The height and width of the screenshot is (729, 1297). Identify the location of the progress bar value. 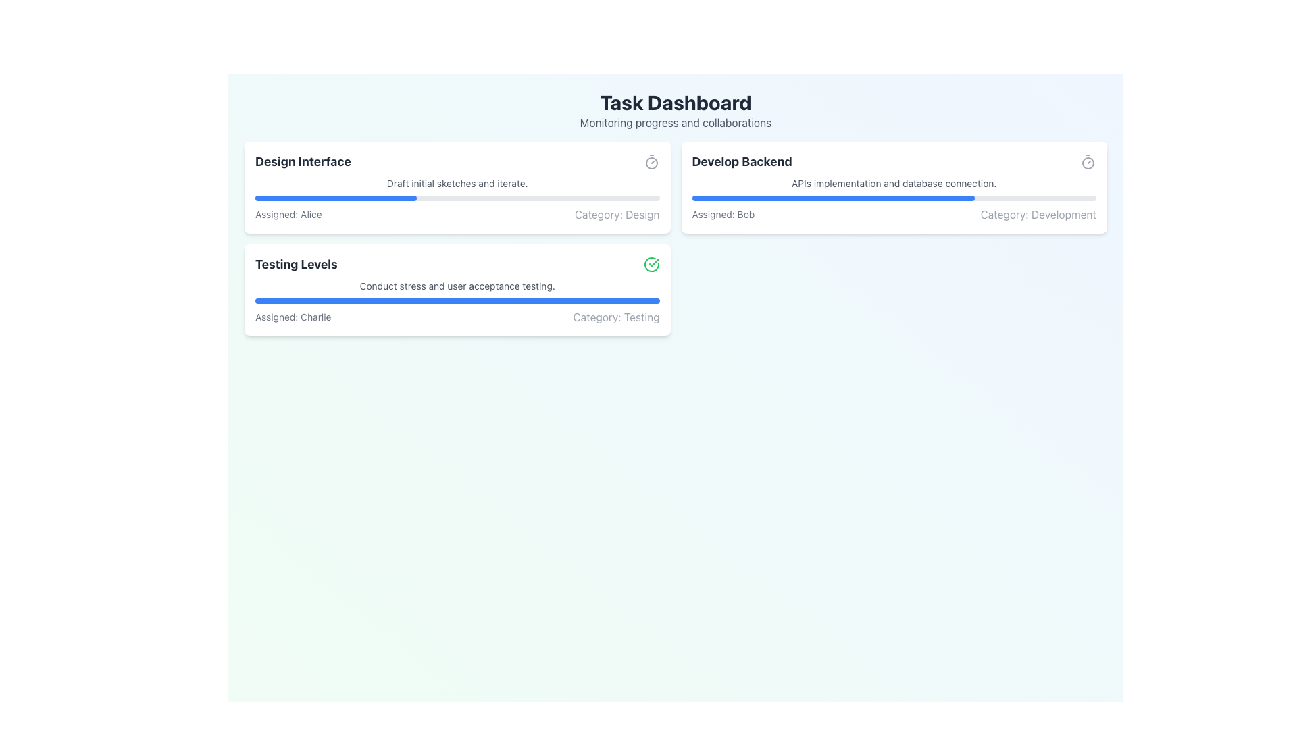
(892, 198).